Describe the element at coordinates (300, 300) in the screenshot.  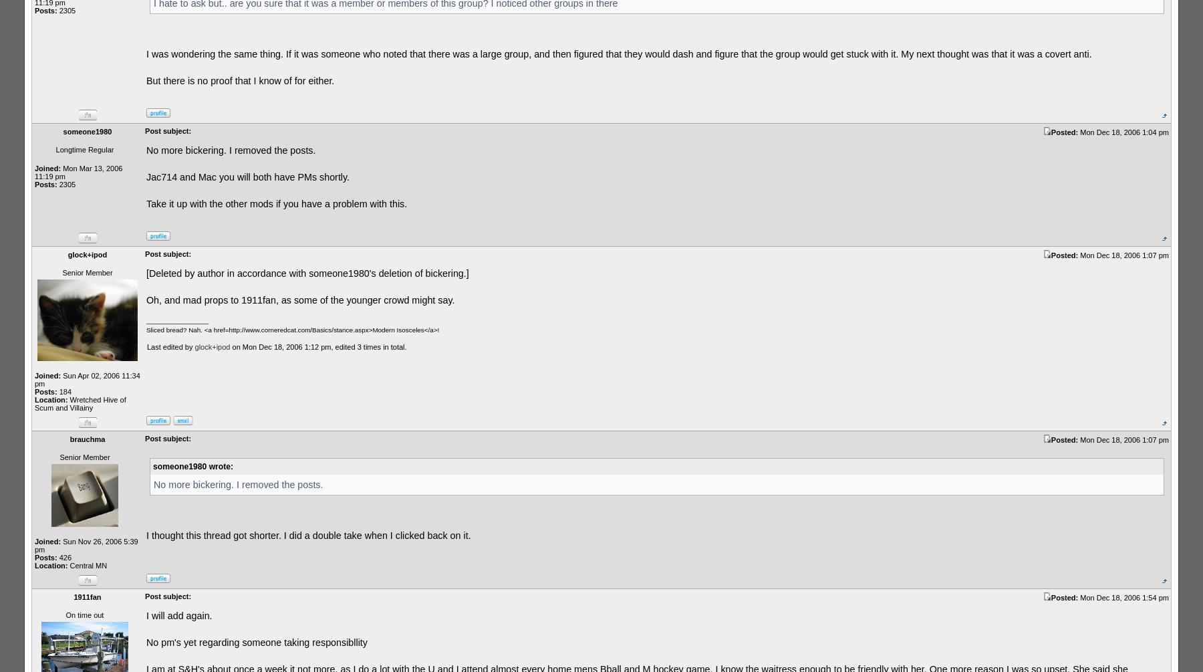
I see `'Oh, and mad props to 1911fan, as some of the younger crowd might say.'` at that location.